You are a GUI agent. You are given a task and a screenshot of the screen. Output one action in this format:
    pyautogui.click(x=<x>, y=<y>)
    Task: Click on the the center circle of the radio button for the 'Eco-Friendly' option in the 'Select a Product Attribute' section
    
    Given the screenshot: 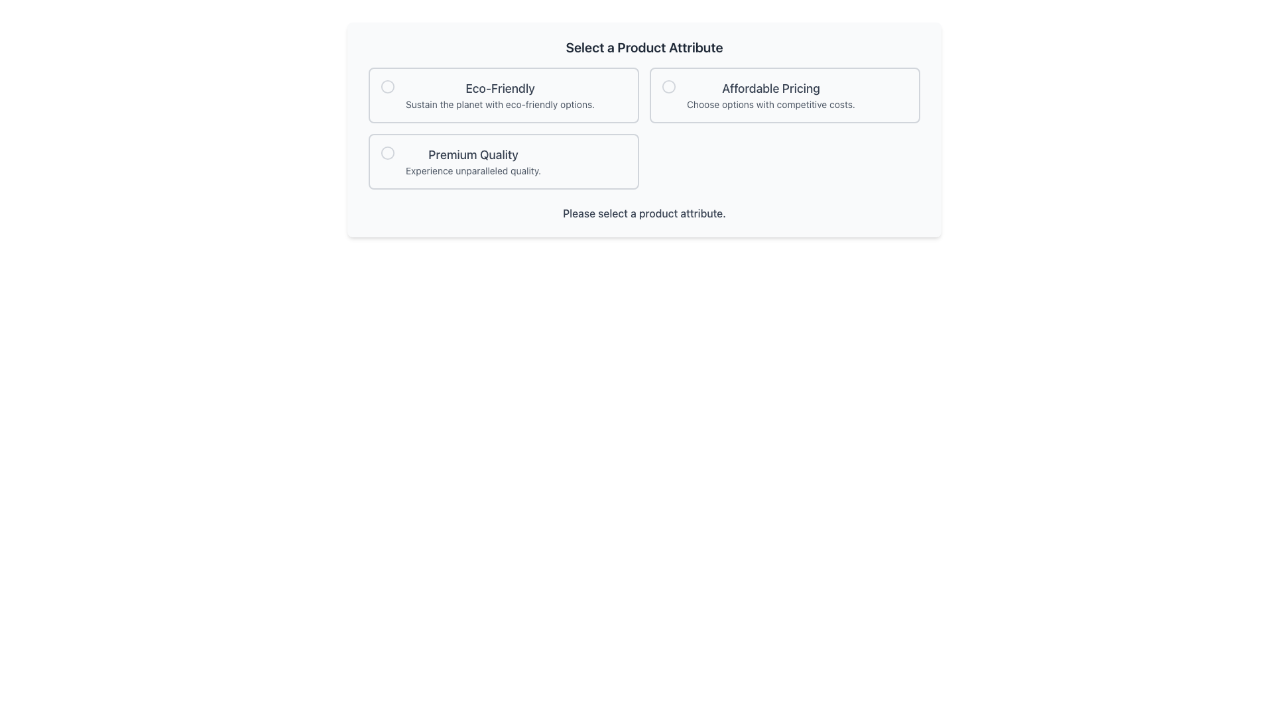 What is the action you would take?
    pyautogui.click(x=387, y=87)
    